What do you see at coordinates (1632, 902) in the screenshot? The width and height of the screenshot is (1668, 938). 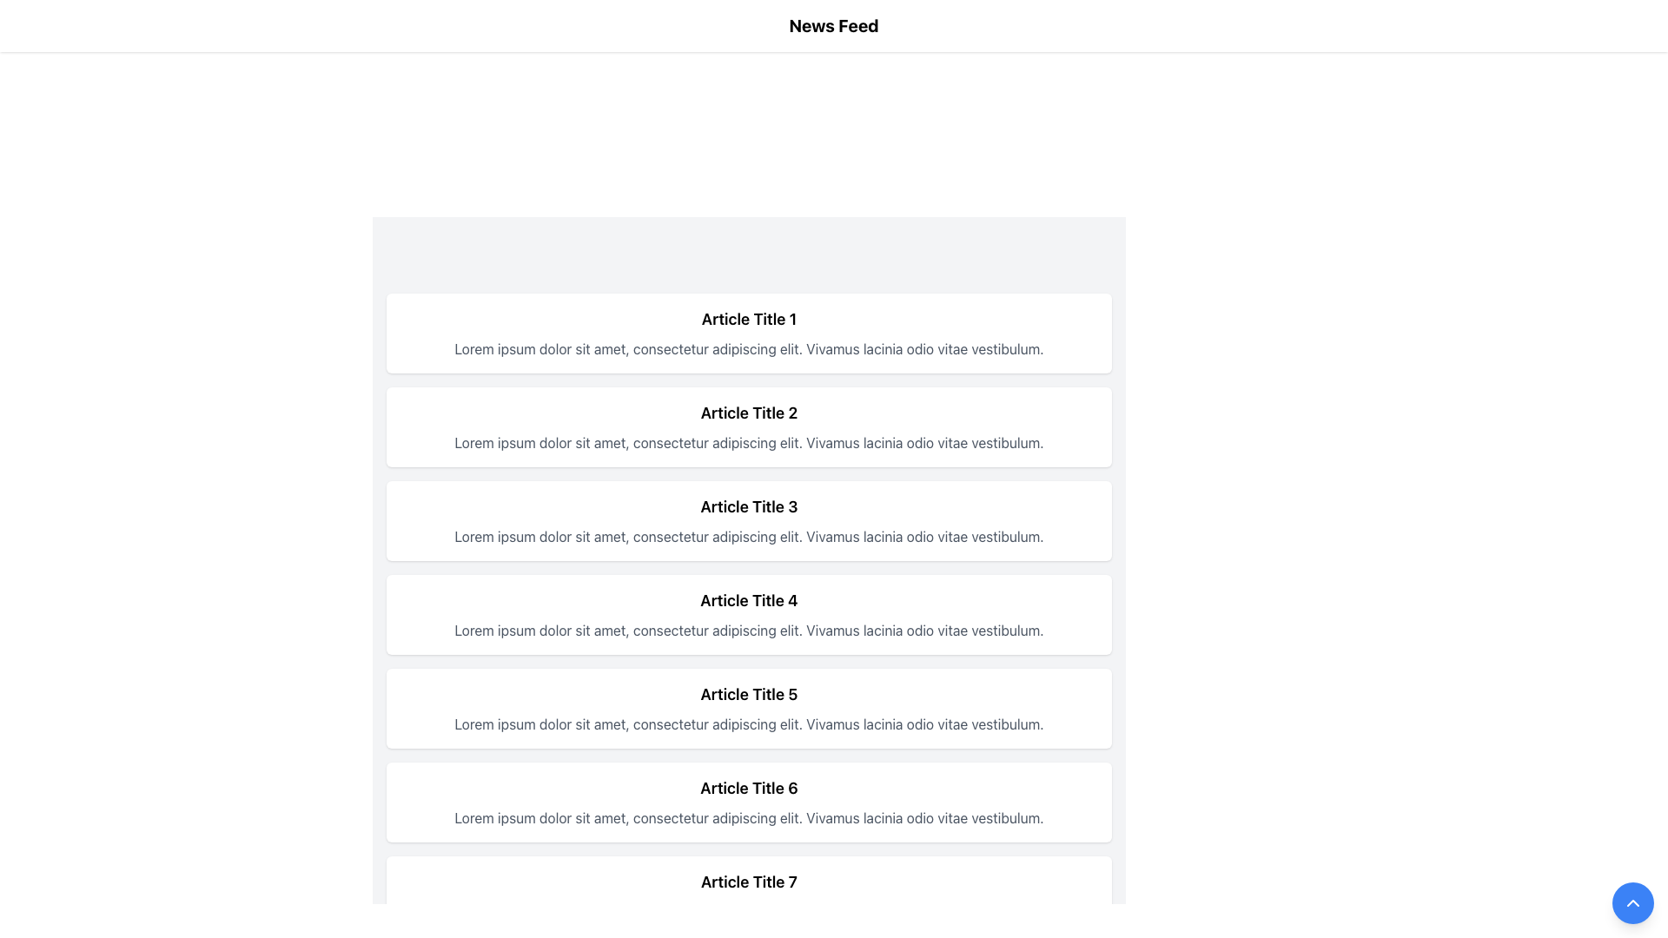 I see `the blue circular button with a white upward-pointing chevron symbol located at the bottom-right corner of the interface` at bounding box center [1632, 902].